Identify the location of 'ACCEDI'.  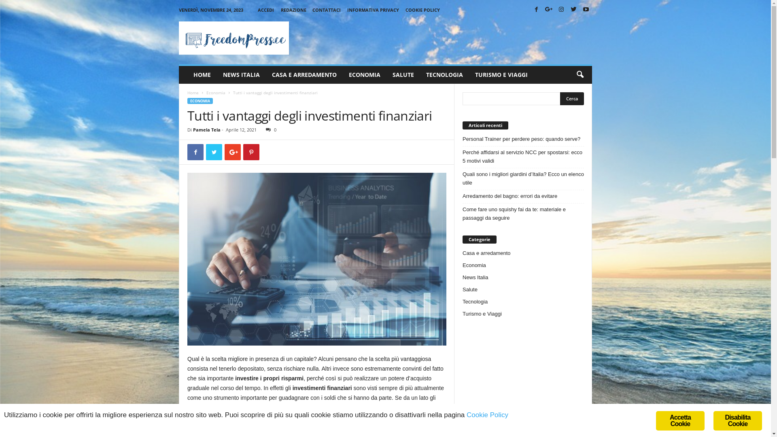
(266, 10).